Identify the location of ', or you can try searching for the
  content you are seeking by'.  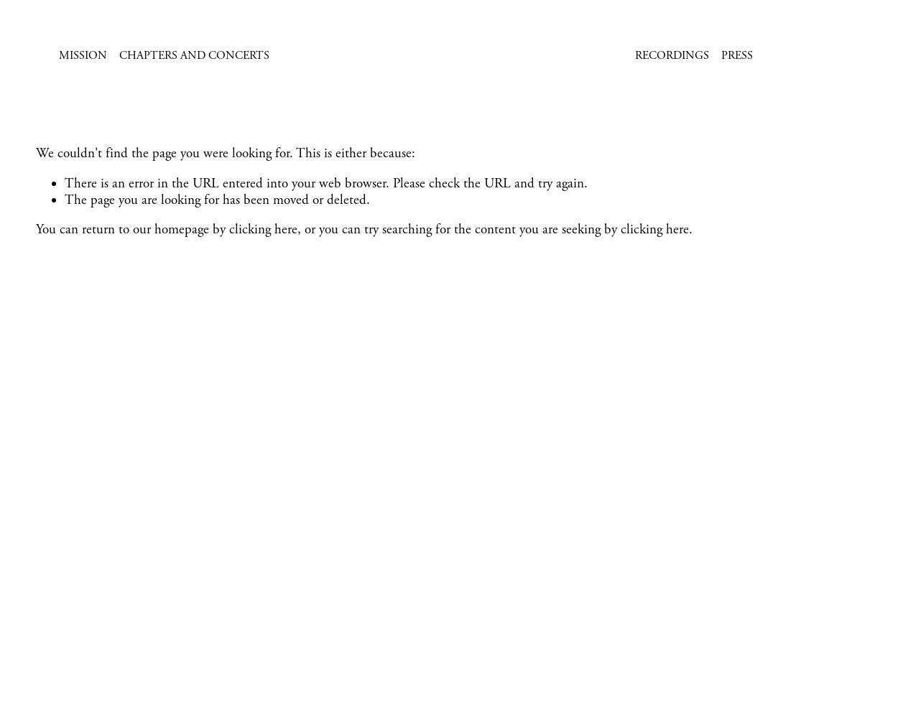
(459, 229).